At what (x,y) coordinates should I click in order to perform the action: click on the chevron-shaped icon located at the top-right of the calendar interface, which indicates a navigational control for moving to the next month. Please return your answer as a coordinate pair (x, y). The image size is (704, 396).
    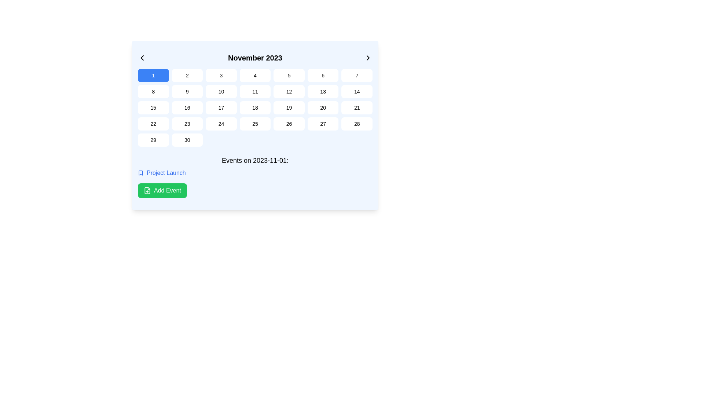
    Looking at the image, I should click on (368, 58).